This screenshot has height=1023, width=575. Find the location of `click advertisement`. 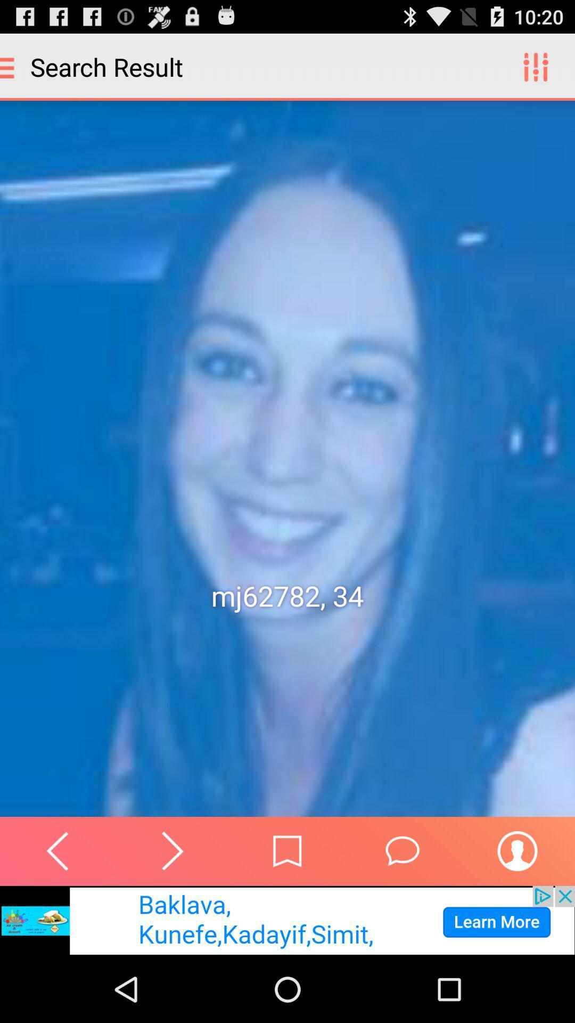

click advertisement is located at coordinates (287, 920).